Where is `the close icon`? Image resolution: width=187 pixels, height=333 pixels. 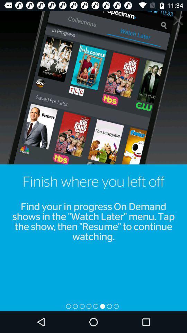 the close icon is located at coordinates (178, 19).